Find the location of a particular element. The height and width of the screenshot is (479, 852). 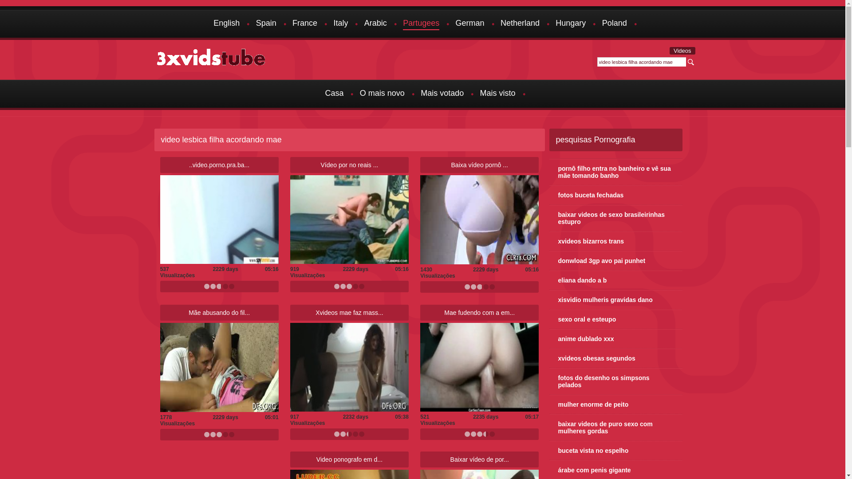

'mulher enorme de peito' is located at coordinates (615, 404).